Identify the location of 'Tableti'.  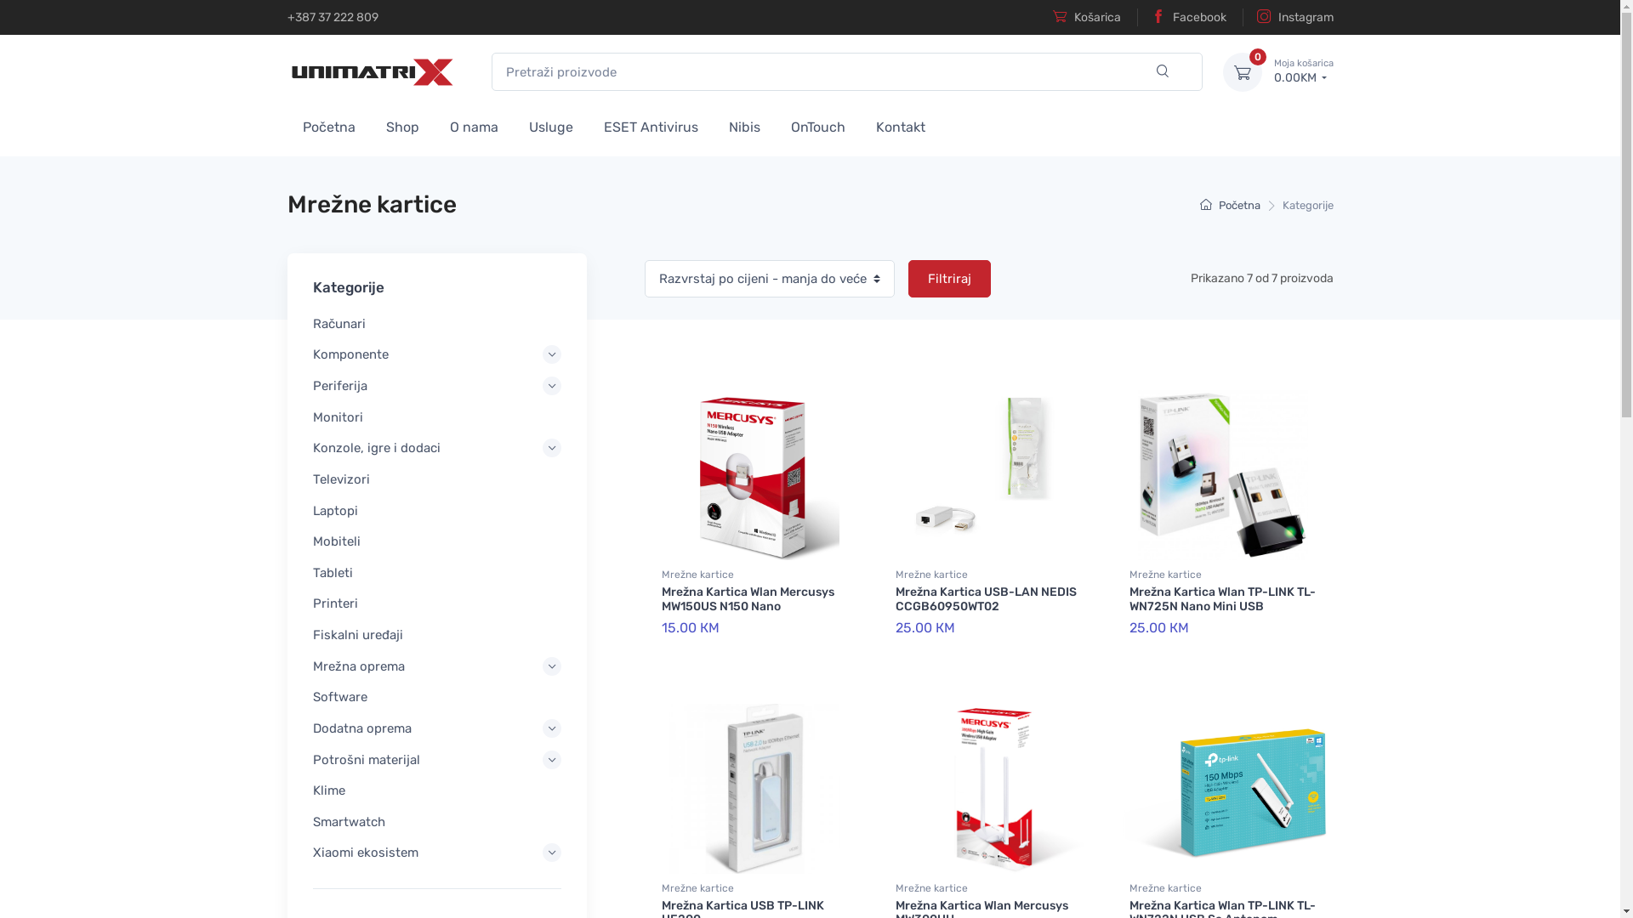
(436, 573).